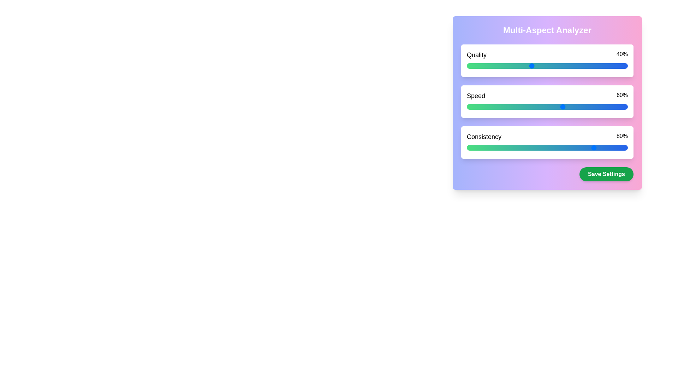  Describe the element at coordinates (506, 147) in the screenshot. I see `the slider value` at that location.